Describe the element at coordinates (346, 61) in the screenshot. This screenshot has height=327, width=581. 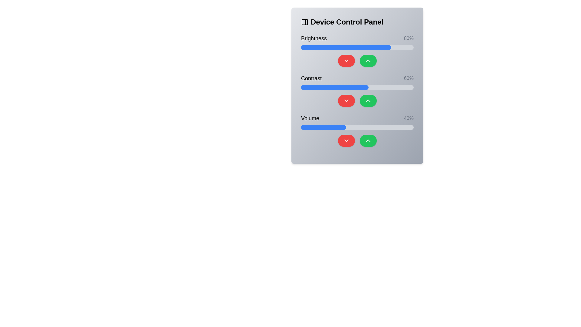
I see `the chevron icon embedded in the circular button` at that location.